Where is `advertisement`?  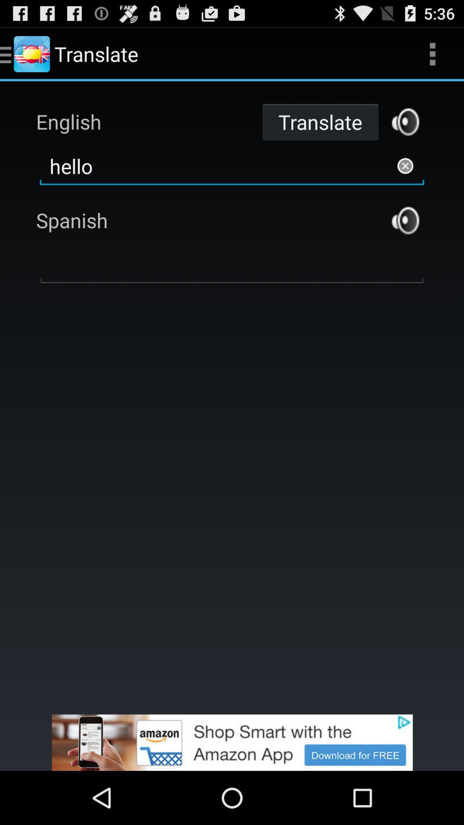 advertisement is located at coordinates (232, 742).